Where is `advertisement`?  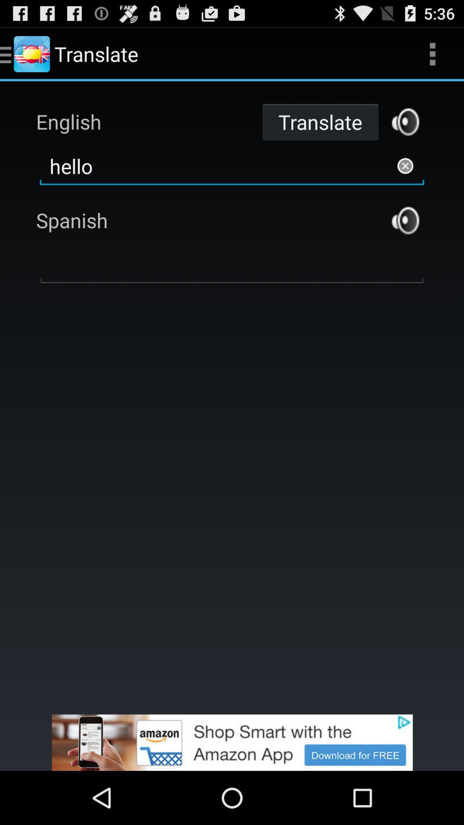 advertisement is located at coordinates (232, 742).